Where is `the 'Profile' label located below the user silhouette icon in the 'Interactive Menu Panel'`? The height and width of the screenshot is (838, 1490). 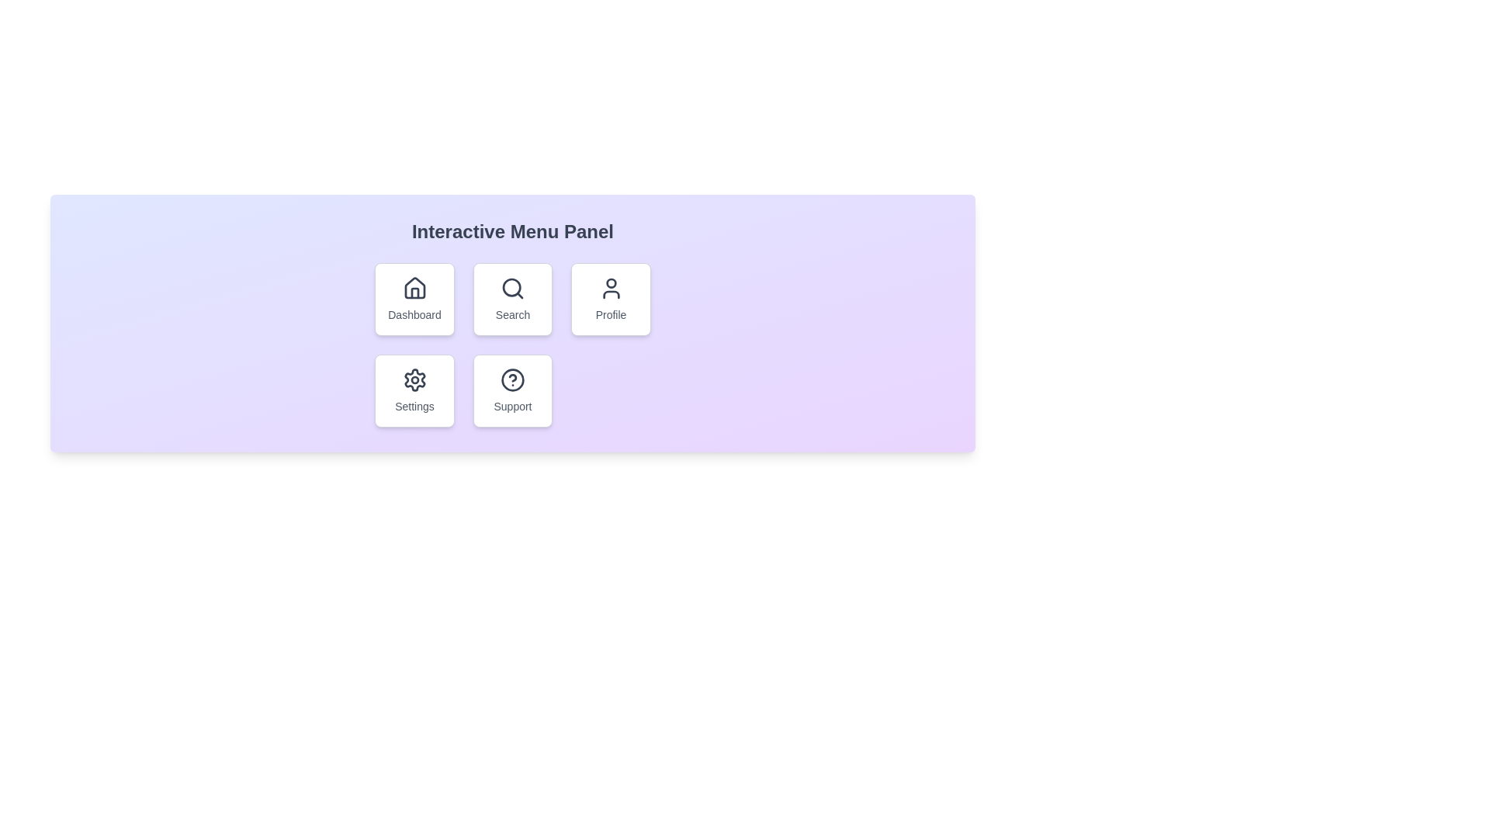 the 'Profile' label located below the user silhouette icon in the 'Interactive Menu Panel' is located at coordinates (610, 314).